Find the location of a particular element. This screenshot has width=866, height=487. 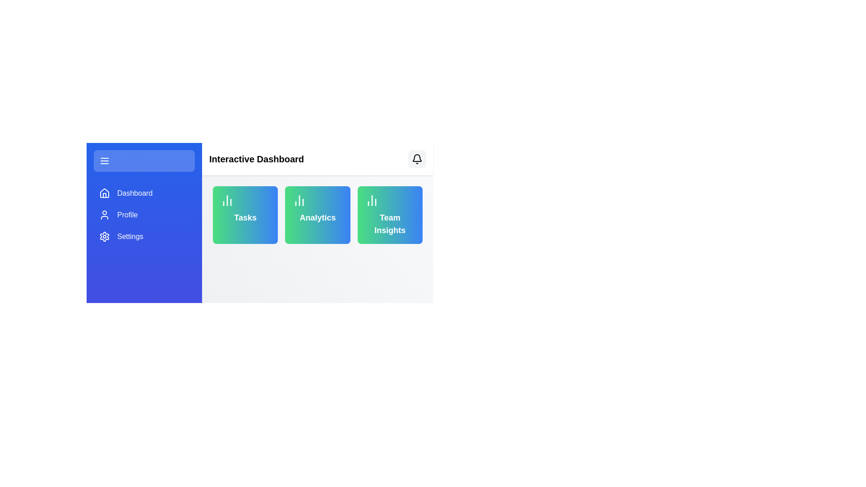

the upper section of the house icon located in the left blue-colored sidebar of the interface is located at coordinates (104, 194).